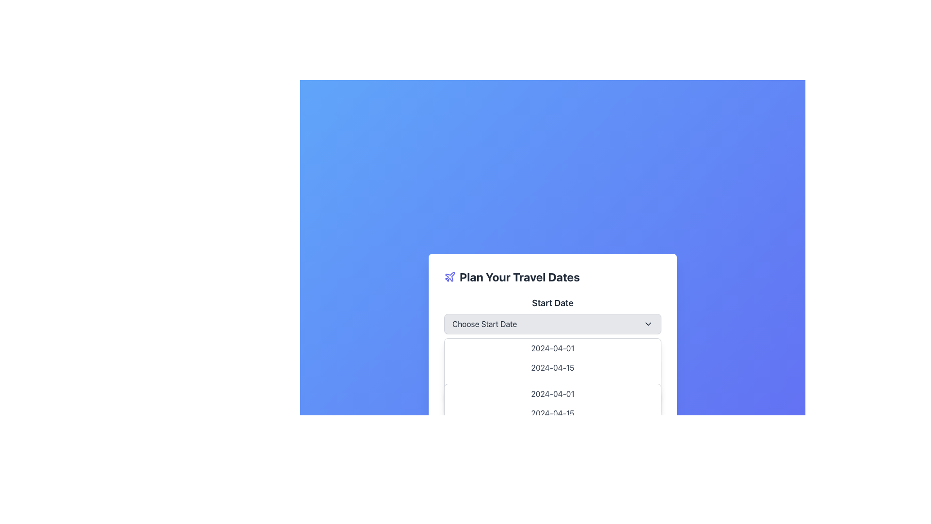  I want to click on the first date option in the dropdown menu for selecting a start date located below the label 'Start Date', so click(553, 394).